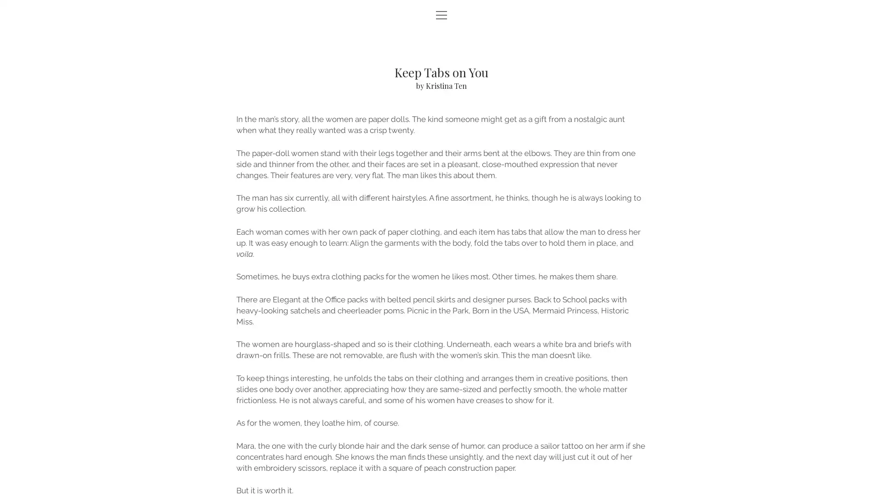  I want to click on open menu, so click(441, 16).